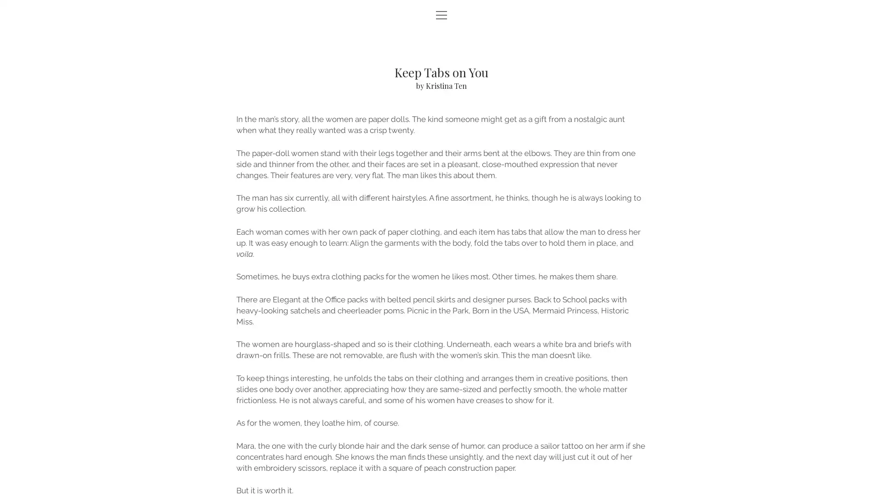  I want to click on open menu, so click(441, 16).